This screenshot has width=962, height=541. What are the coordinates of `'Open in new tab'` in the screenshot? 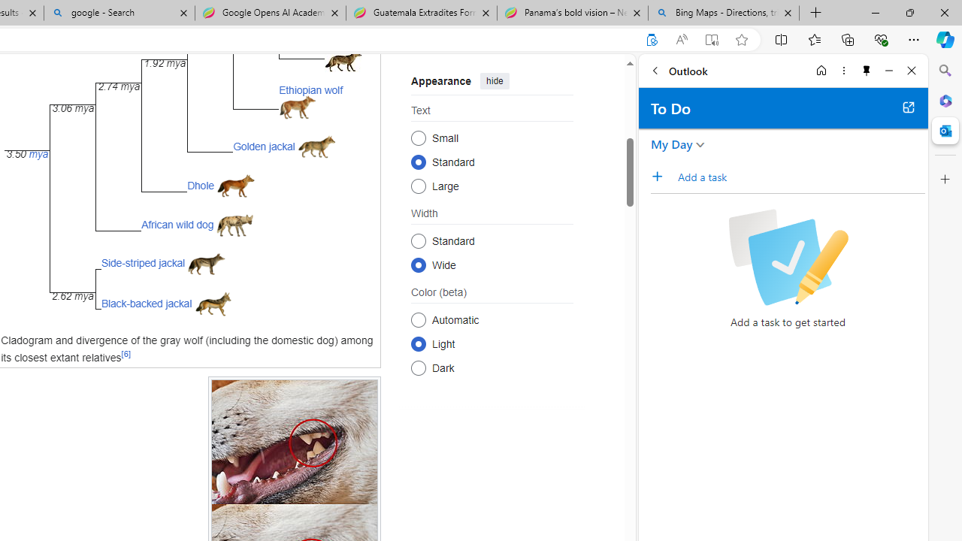 It's located at (907, 106).